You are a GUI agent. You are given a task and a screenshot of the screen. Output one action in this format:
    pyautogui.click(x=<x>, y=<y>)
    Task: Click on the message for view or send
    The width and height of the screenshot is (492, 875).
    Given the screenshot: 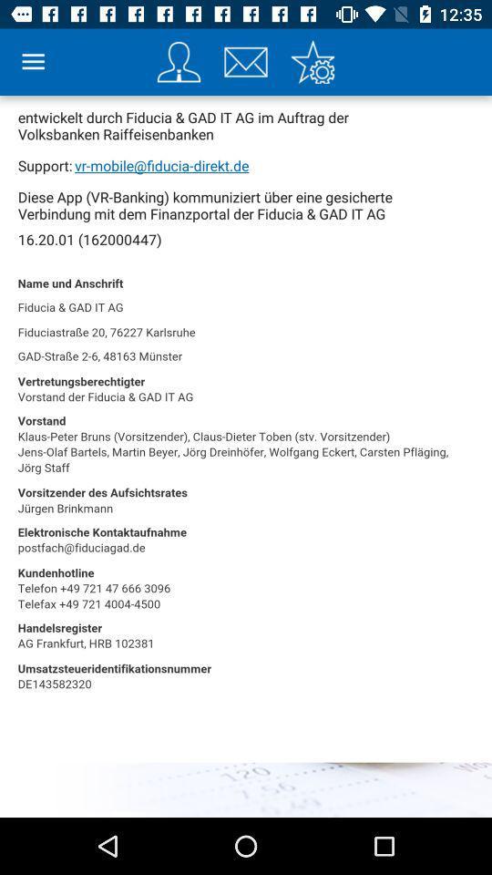 What is the action you would take?
    pyautogui.click(x=246, y=62)
    